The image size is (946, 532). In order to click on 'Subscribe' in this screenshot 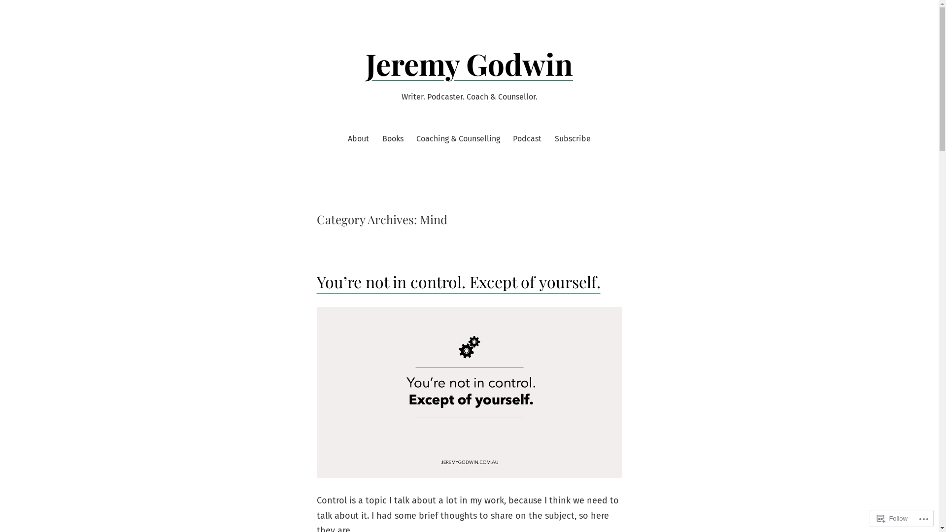, I will do `click(555, 138)`.